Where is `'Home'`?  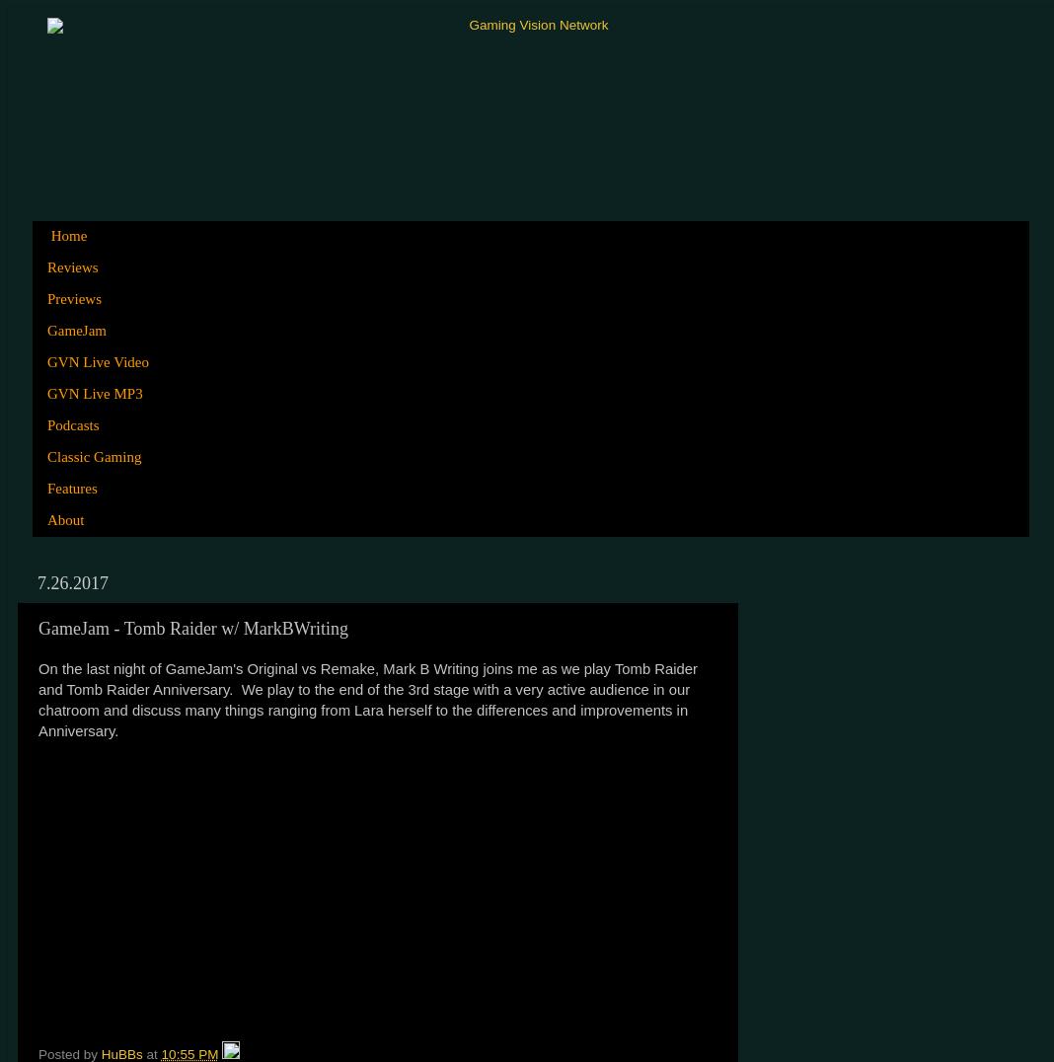 'Home' is located at coordinates (67, 235).